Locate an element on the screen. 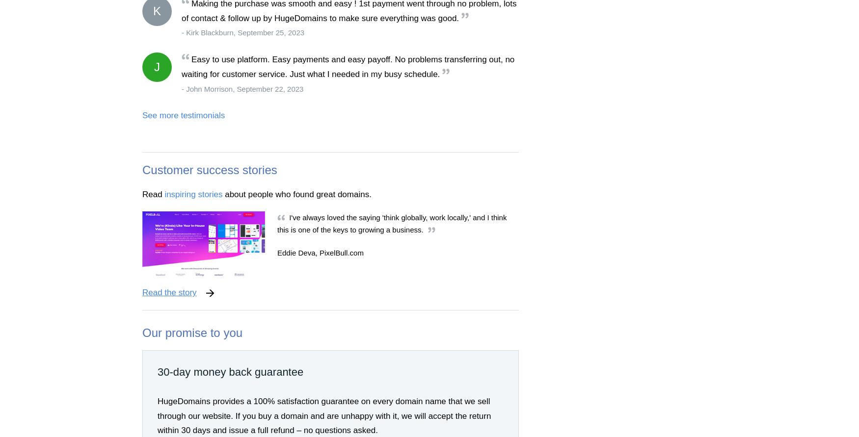 This screenshot has width=859, height=437. '- Kirk Blackburn, September 25, 2023' is located at coordinates (243, 32).